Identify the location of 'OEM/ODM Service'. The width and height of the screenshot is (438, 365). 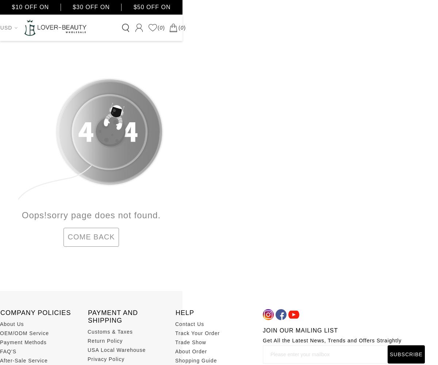
(24, 333).